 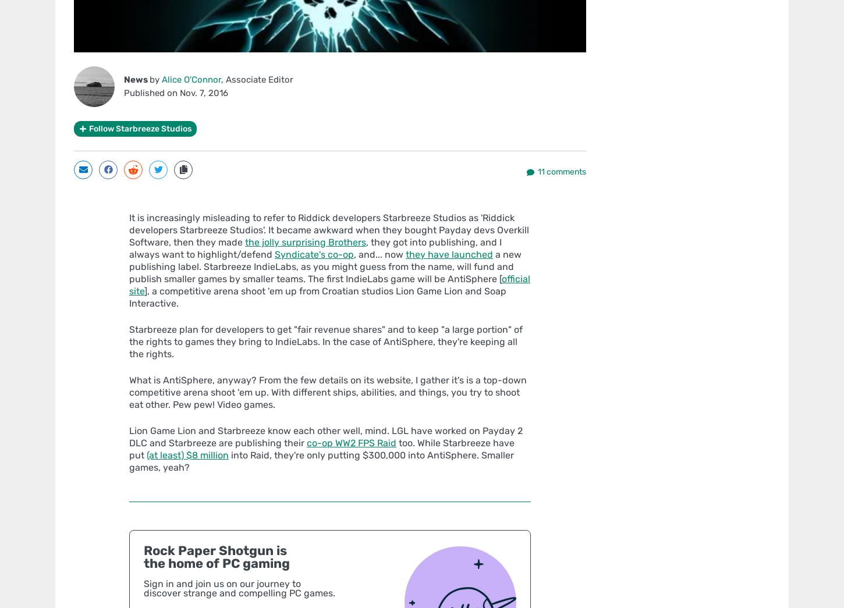 I want to click on 'News', so click(x=136, y=78).